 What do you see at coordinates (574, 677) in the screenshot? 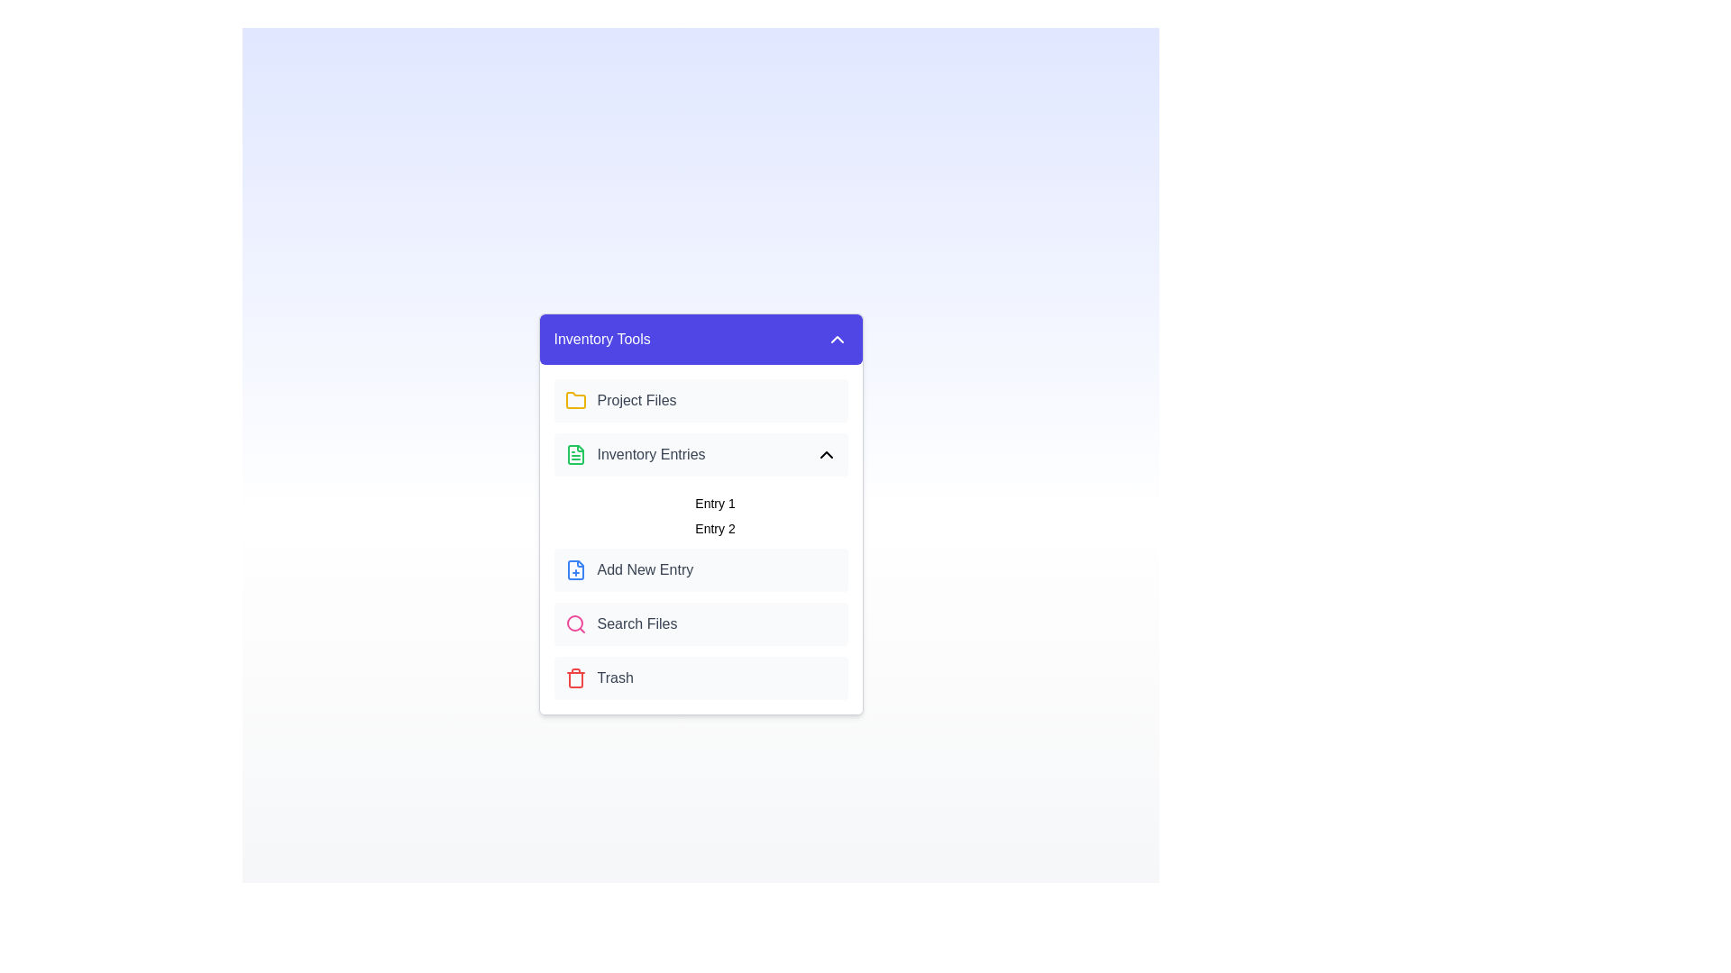
I see `the red trash can icon, which indicates a delete function, located in the 'Trash' menu item entry` at bounding box center [574, 677].